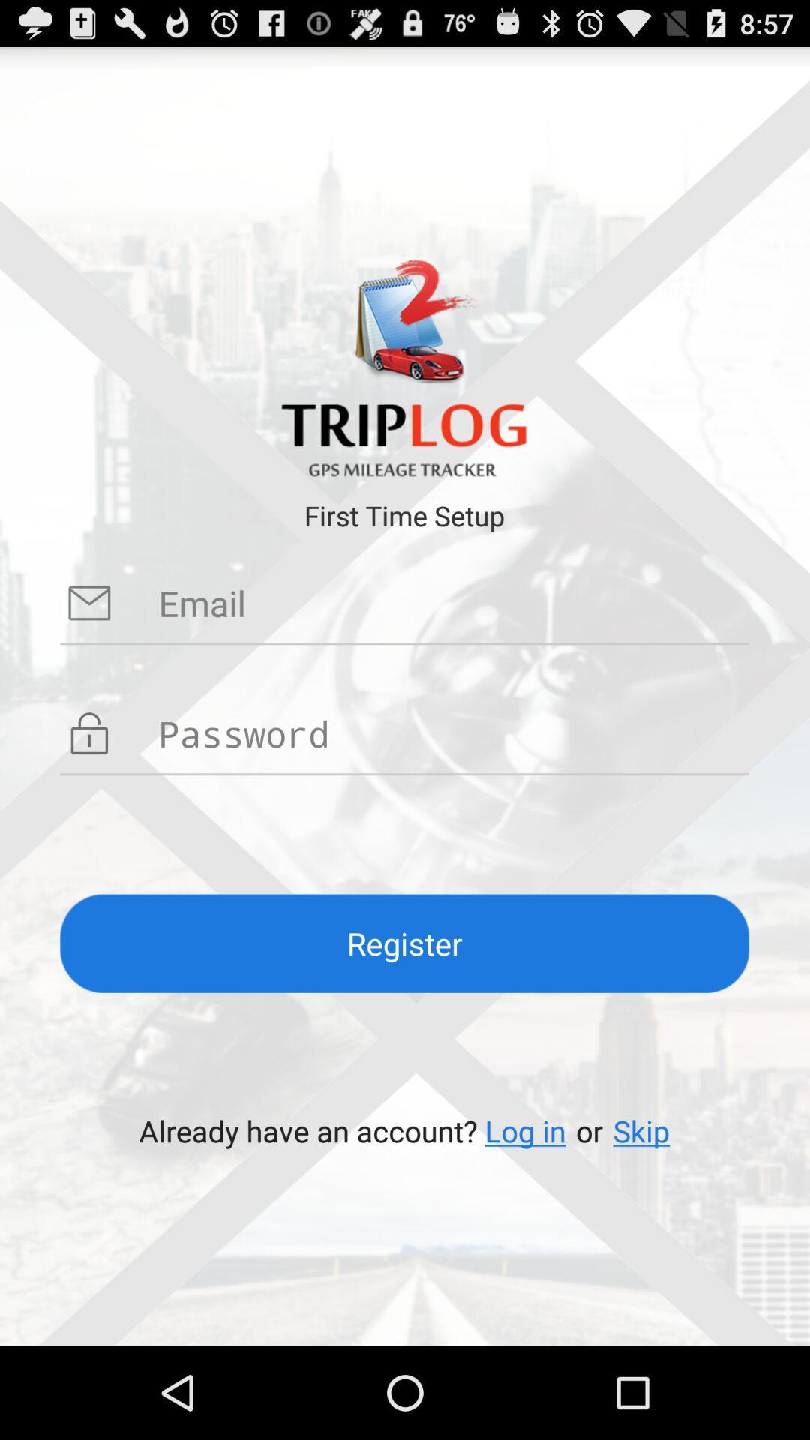 This screenshot has height=1440, width=810. What do you see at coordinates (403, 943) in the screenshot?
I see `the item above already have an icon` at bounding box center [403, 943].